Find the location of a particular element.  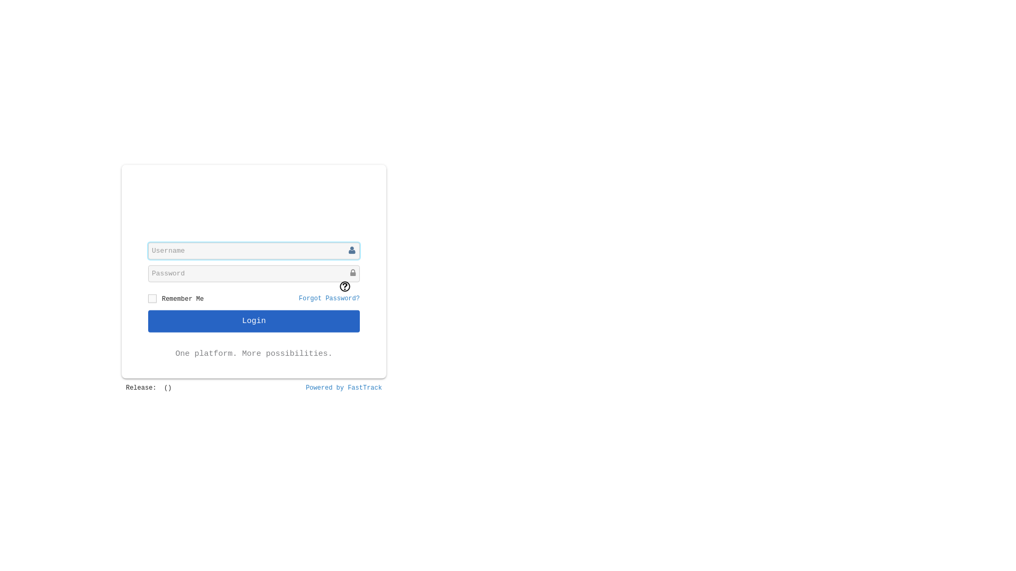

'Forgot Password?' is located at coordinates (329, 298).